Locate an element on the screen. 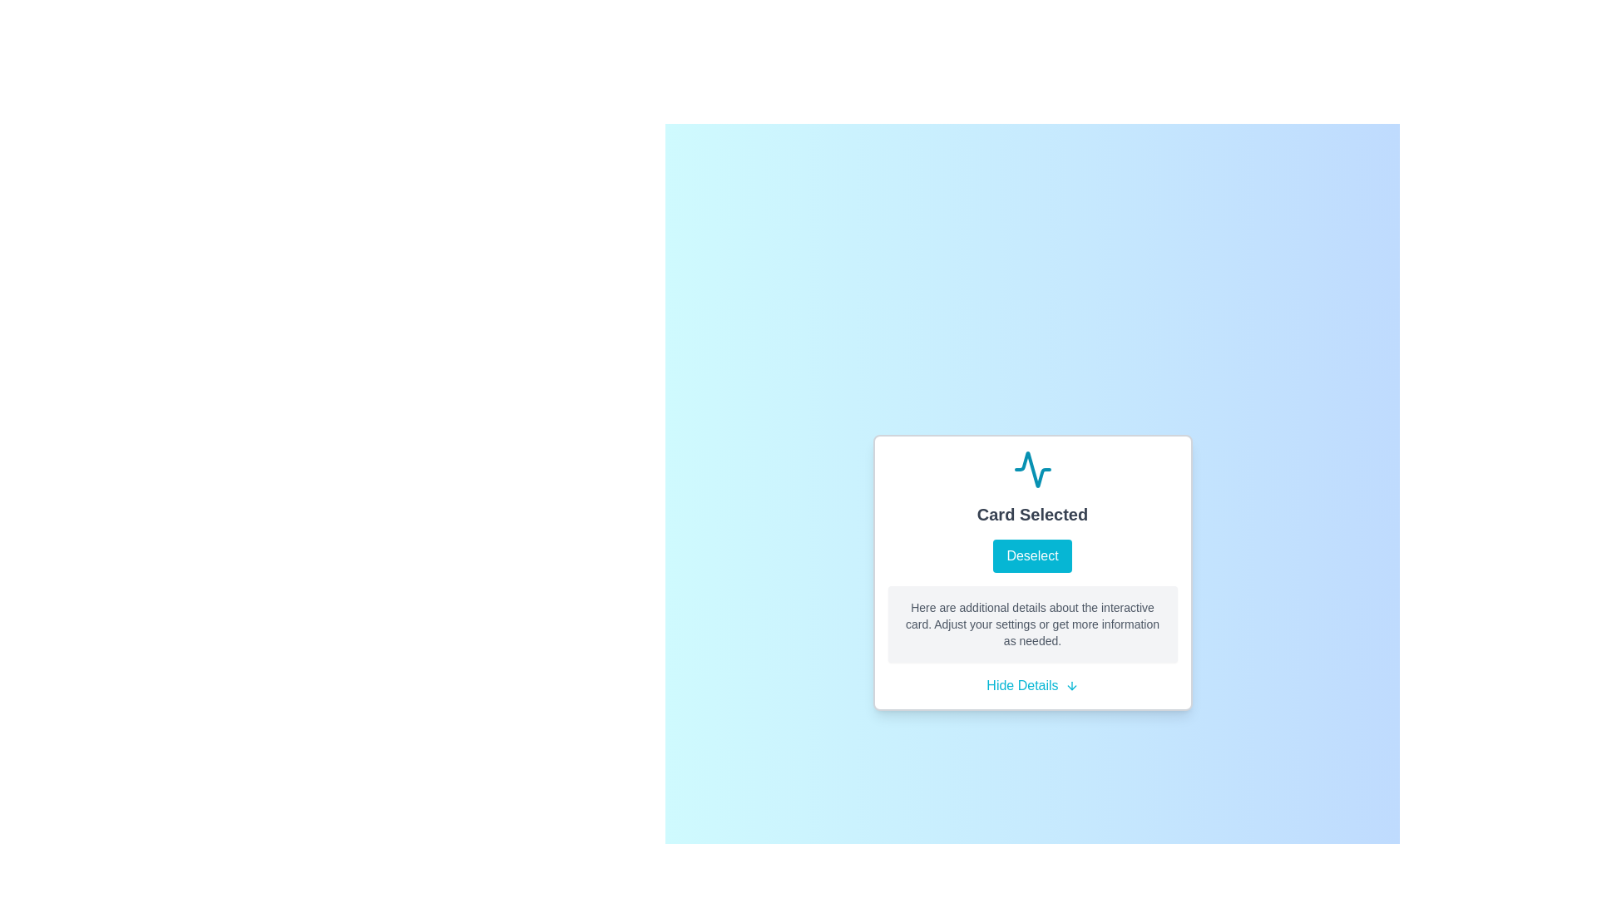 Image resolution: width=1597 pixels, height=898 pixels. the button located at the bottom of the card, which toggles the visibility of additional card details is located at coordinates (1031, 686).